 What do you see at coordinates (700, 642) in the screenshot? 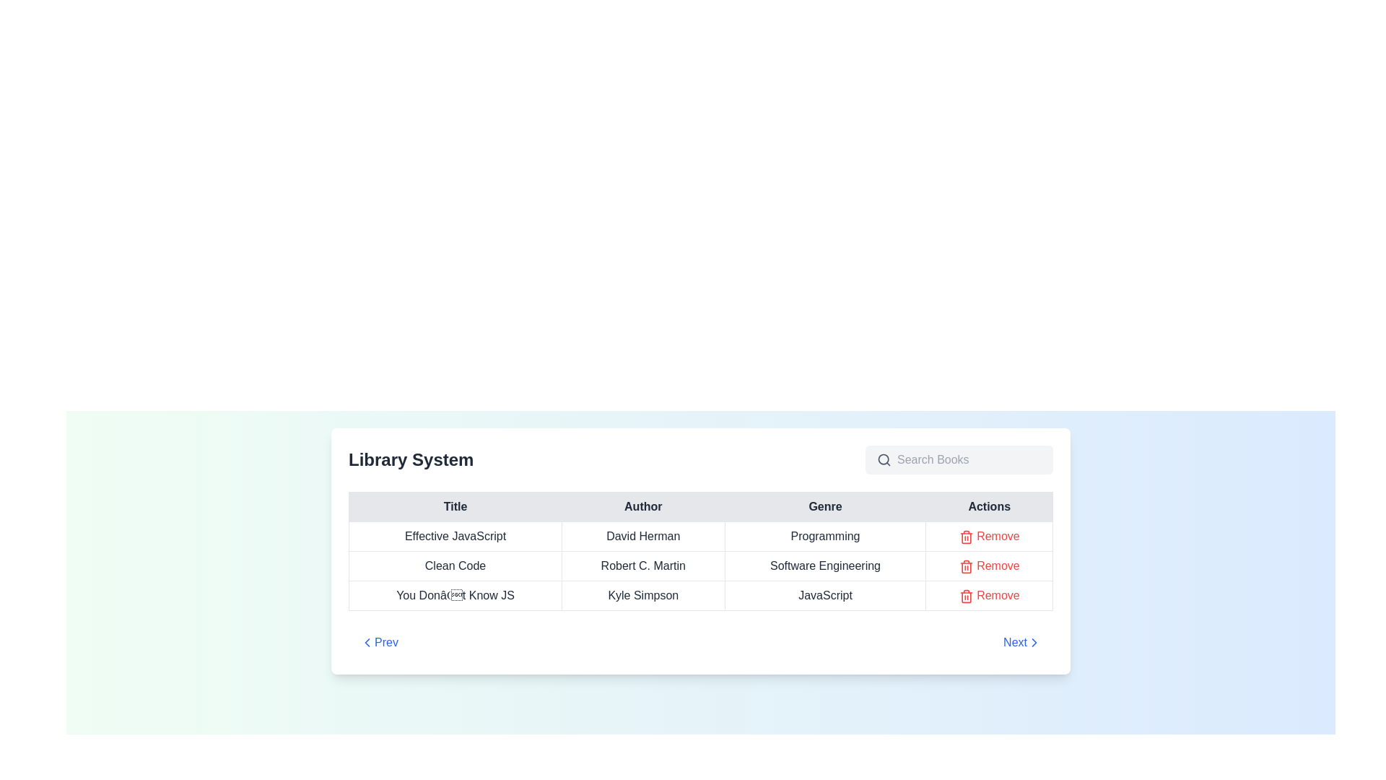
I see `the 'Next' button on the Navigation bar at the bottom of the library system interface` at bounding box center [700, 642].